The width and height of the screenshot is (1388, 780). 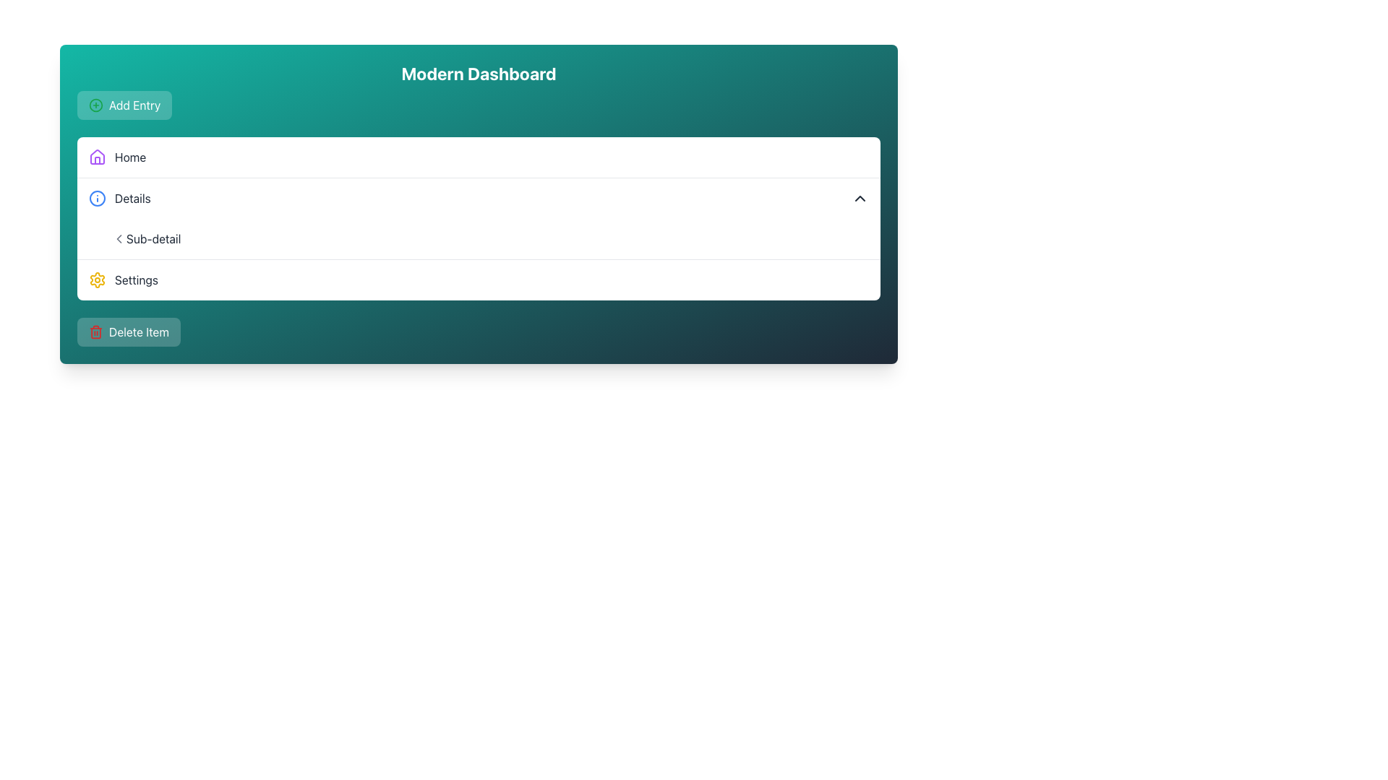 What do you see at coordinates (119, 238) in the screenshot?
I see `the leftward-facing chevron icon located on the right side of the 'Sub-detail' list item` at bounding box center [119, 238].